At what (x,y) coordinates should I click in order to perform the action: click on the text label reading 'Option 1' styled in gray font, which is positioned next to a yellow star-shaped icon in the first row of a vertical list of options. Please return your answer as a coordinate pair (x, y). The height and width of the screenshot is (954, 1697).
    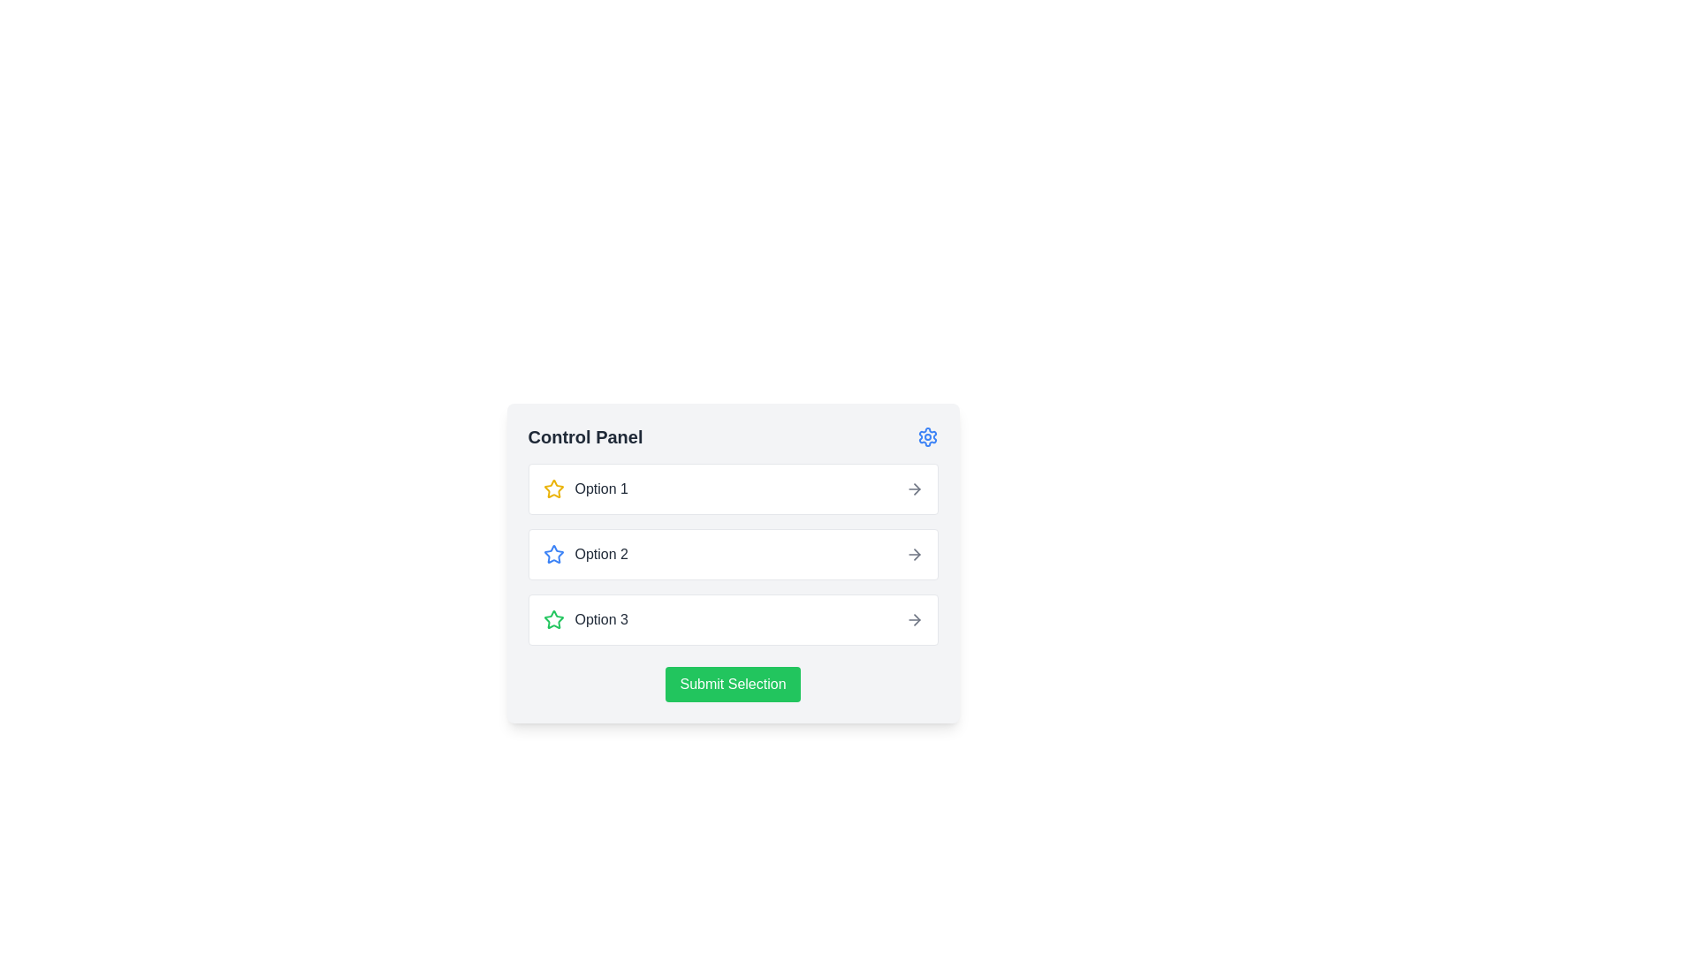
    Looking at the image, I should click on (601, 489).